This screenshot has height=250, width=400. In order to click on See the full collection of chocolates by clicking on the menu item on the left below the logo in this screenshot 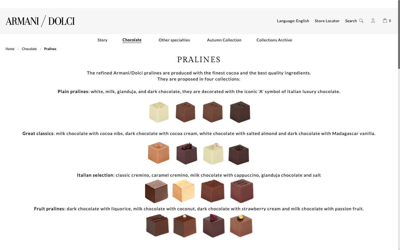, I will do `click(29, 49)`.